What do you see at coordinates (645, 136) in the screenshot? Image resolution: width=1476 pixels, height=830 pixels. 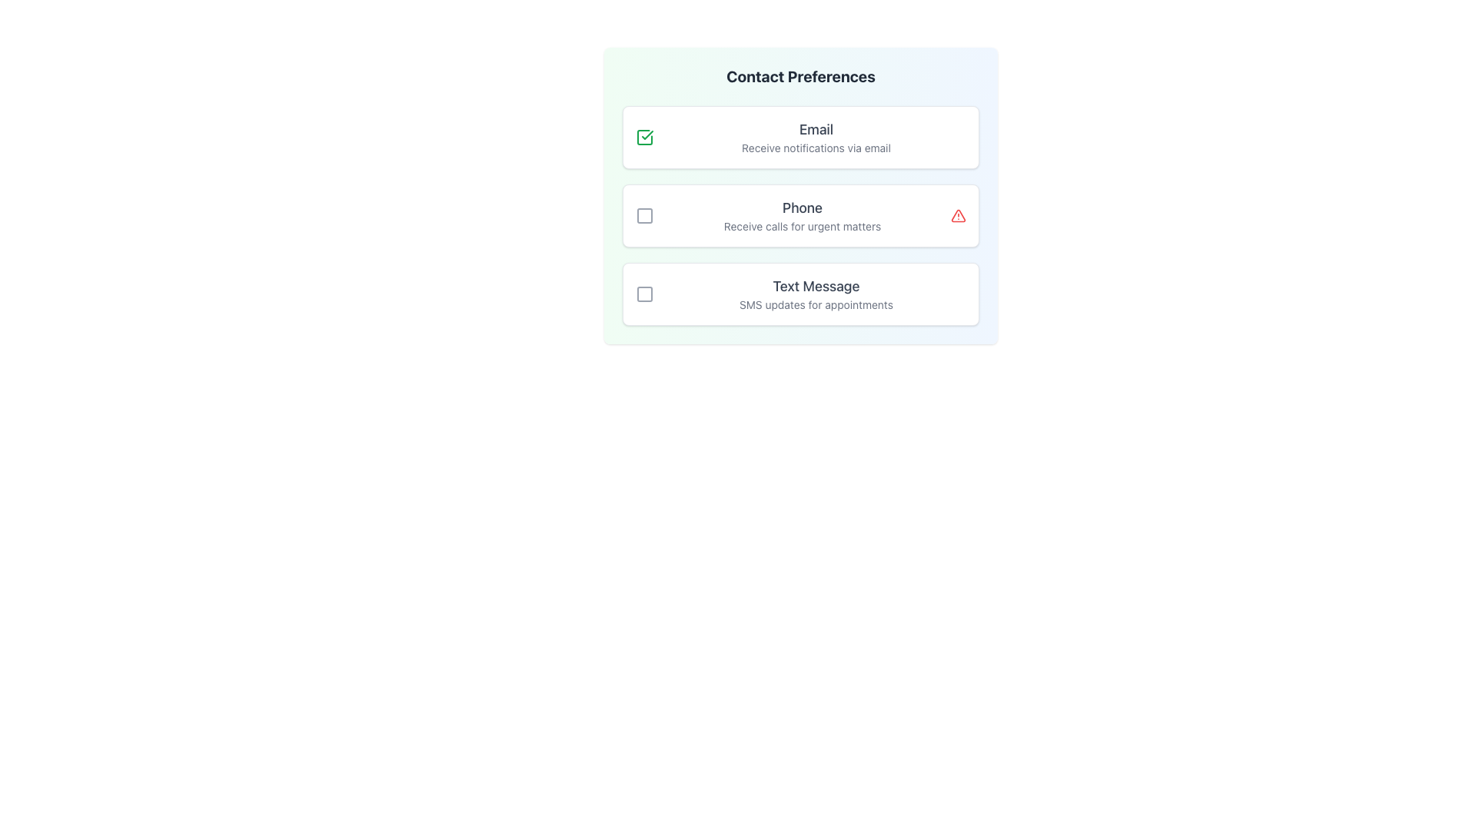 I see `the checkbox for the 'Email' notification method` at bounding box center [645, 136].